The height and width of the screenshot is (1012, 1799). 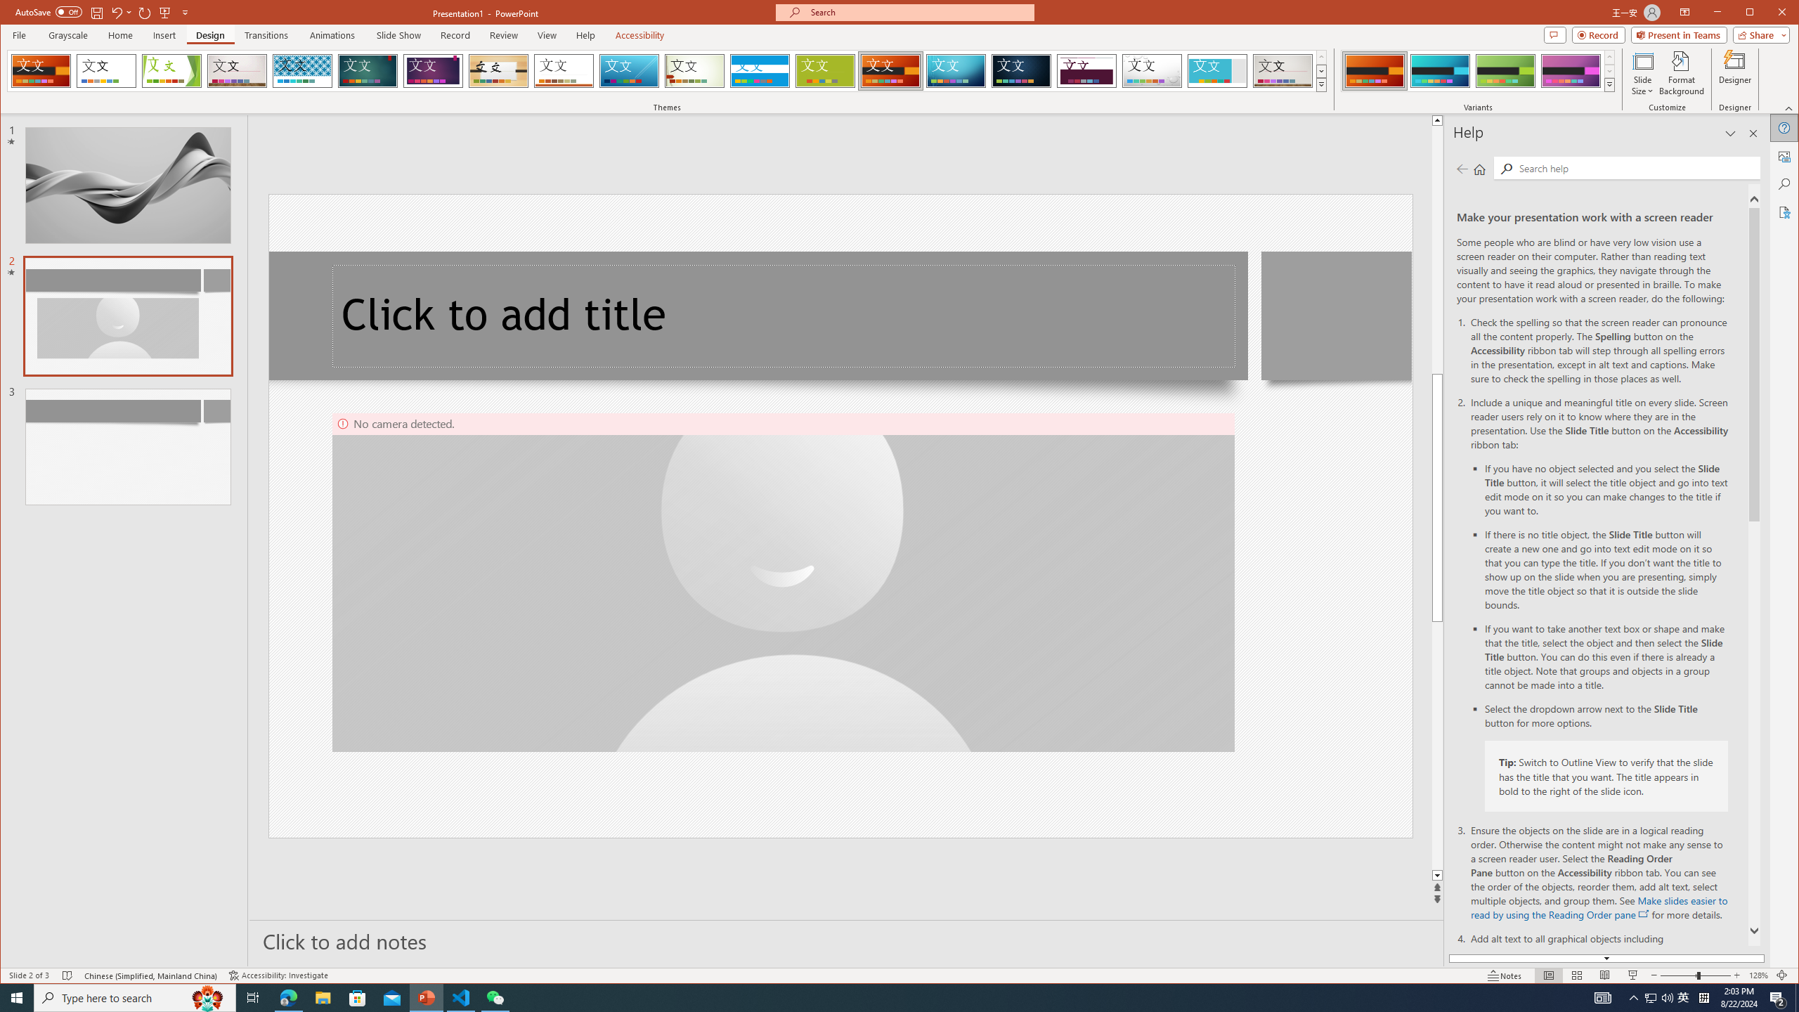 I want to click on 'Variants', so click(x=1609, y=84).